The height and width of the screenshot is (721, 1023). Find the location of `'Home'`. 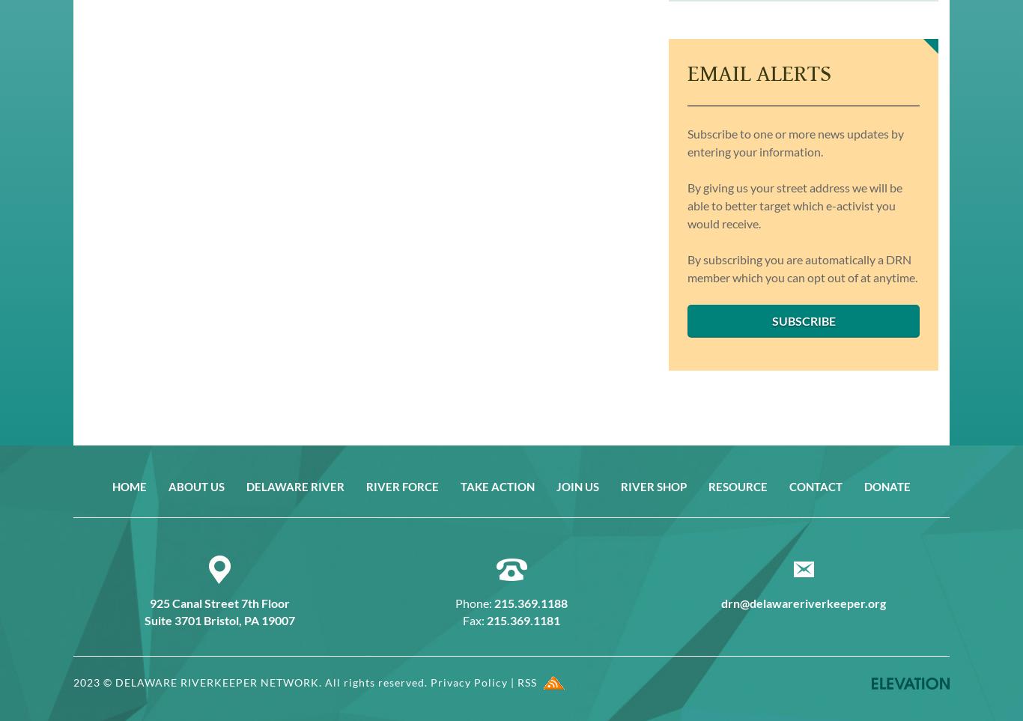

'Home' is located at coordinates (128, 484).